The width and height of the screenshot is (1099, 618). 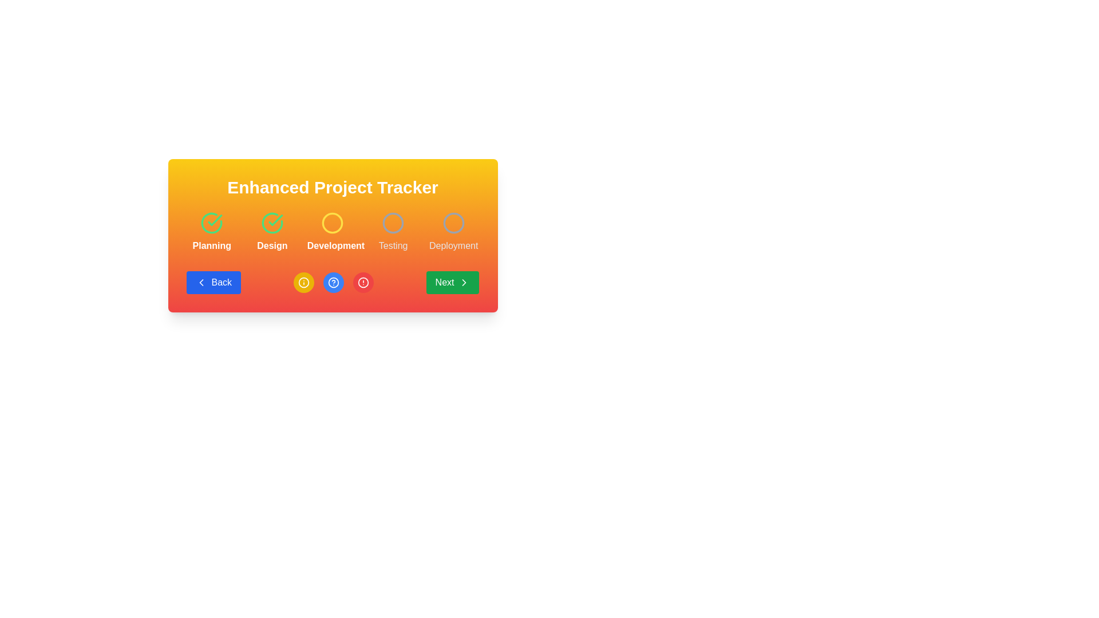 I want to click on the circular icon that indicates the 'Deployment' process stage, located above the 'Deployment' text in the deployment progress section, so click(x=453, y=223).